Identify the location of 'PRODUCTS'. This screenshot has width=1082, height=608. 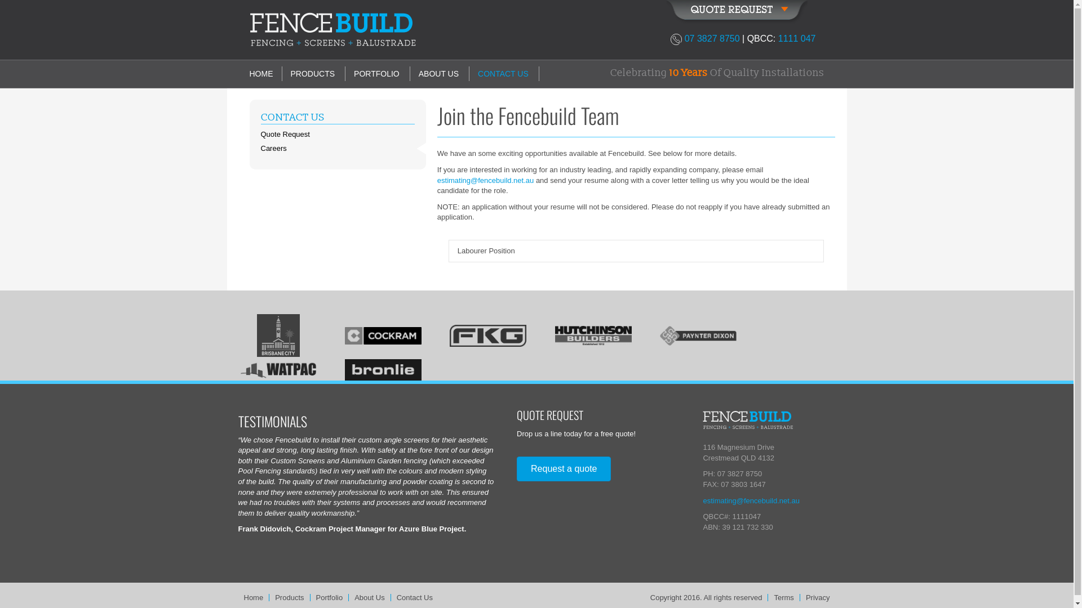
(312, 74).